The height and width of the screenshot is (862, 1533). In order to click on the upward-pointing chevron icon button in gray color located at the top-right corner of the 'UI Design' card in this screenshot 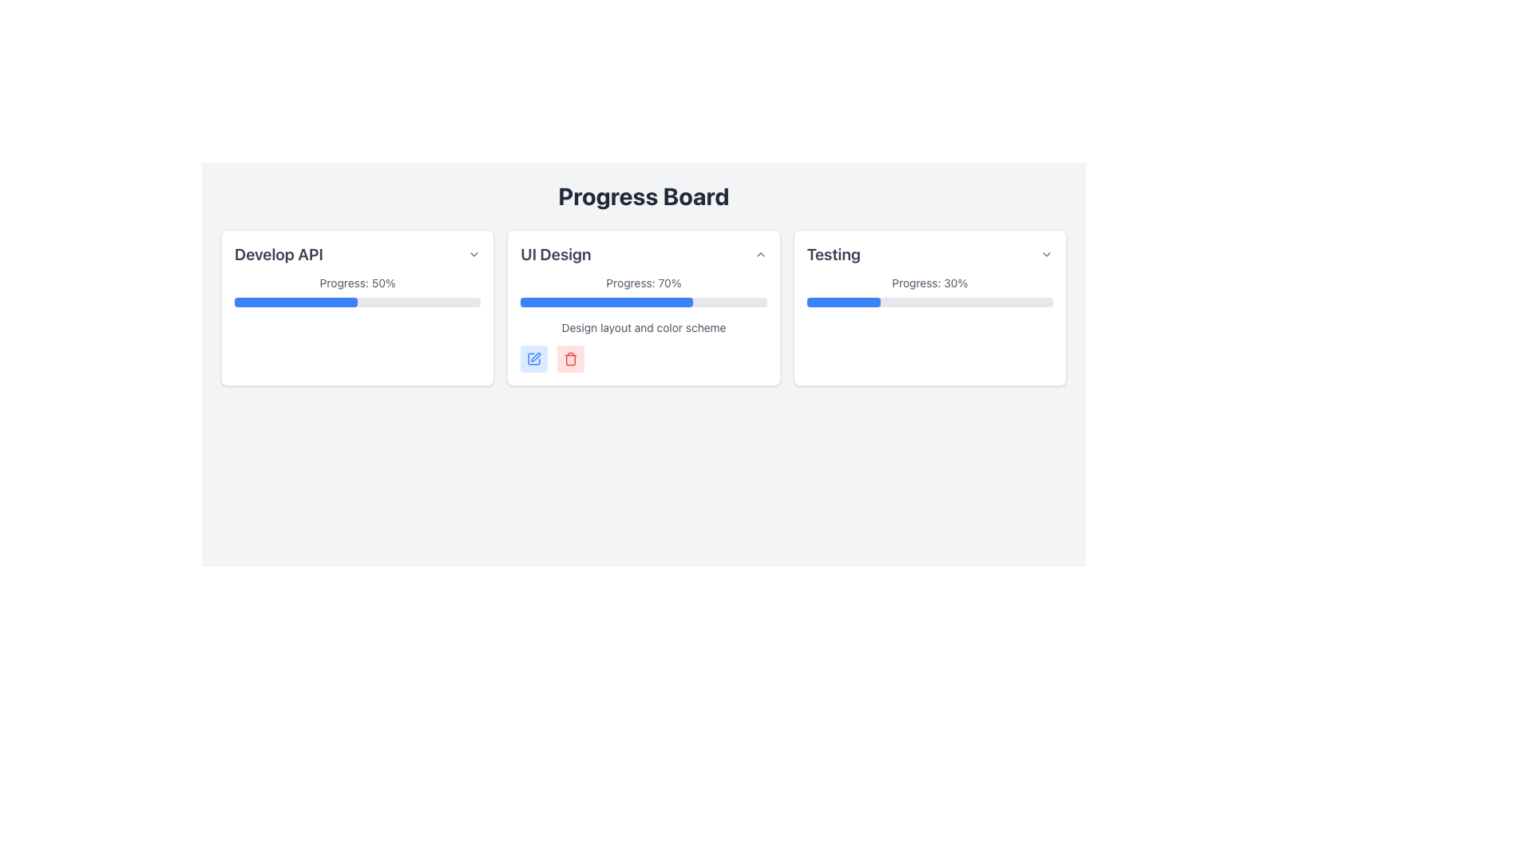, I will do `click(759, 254)`.